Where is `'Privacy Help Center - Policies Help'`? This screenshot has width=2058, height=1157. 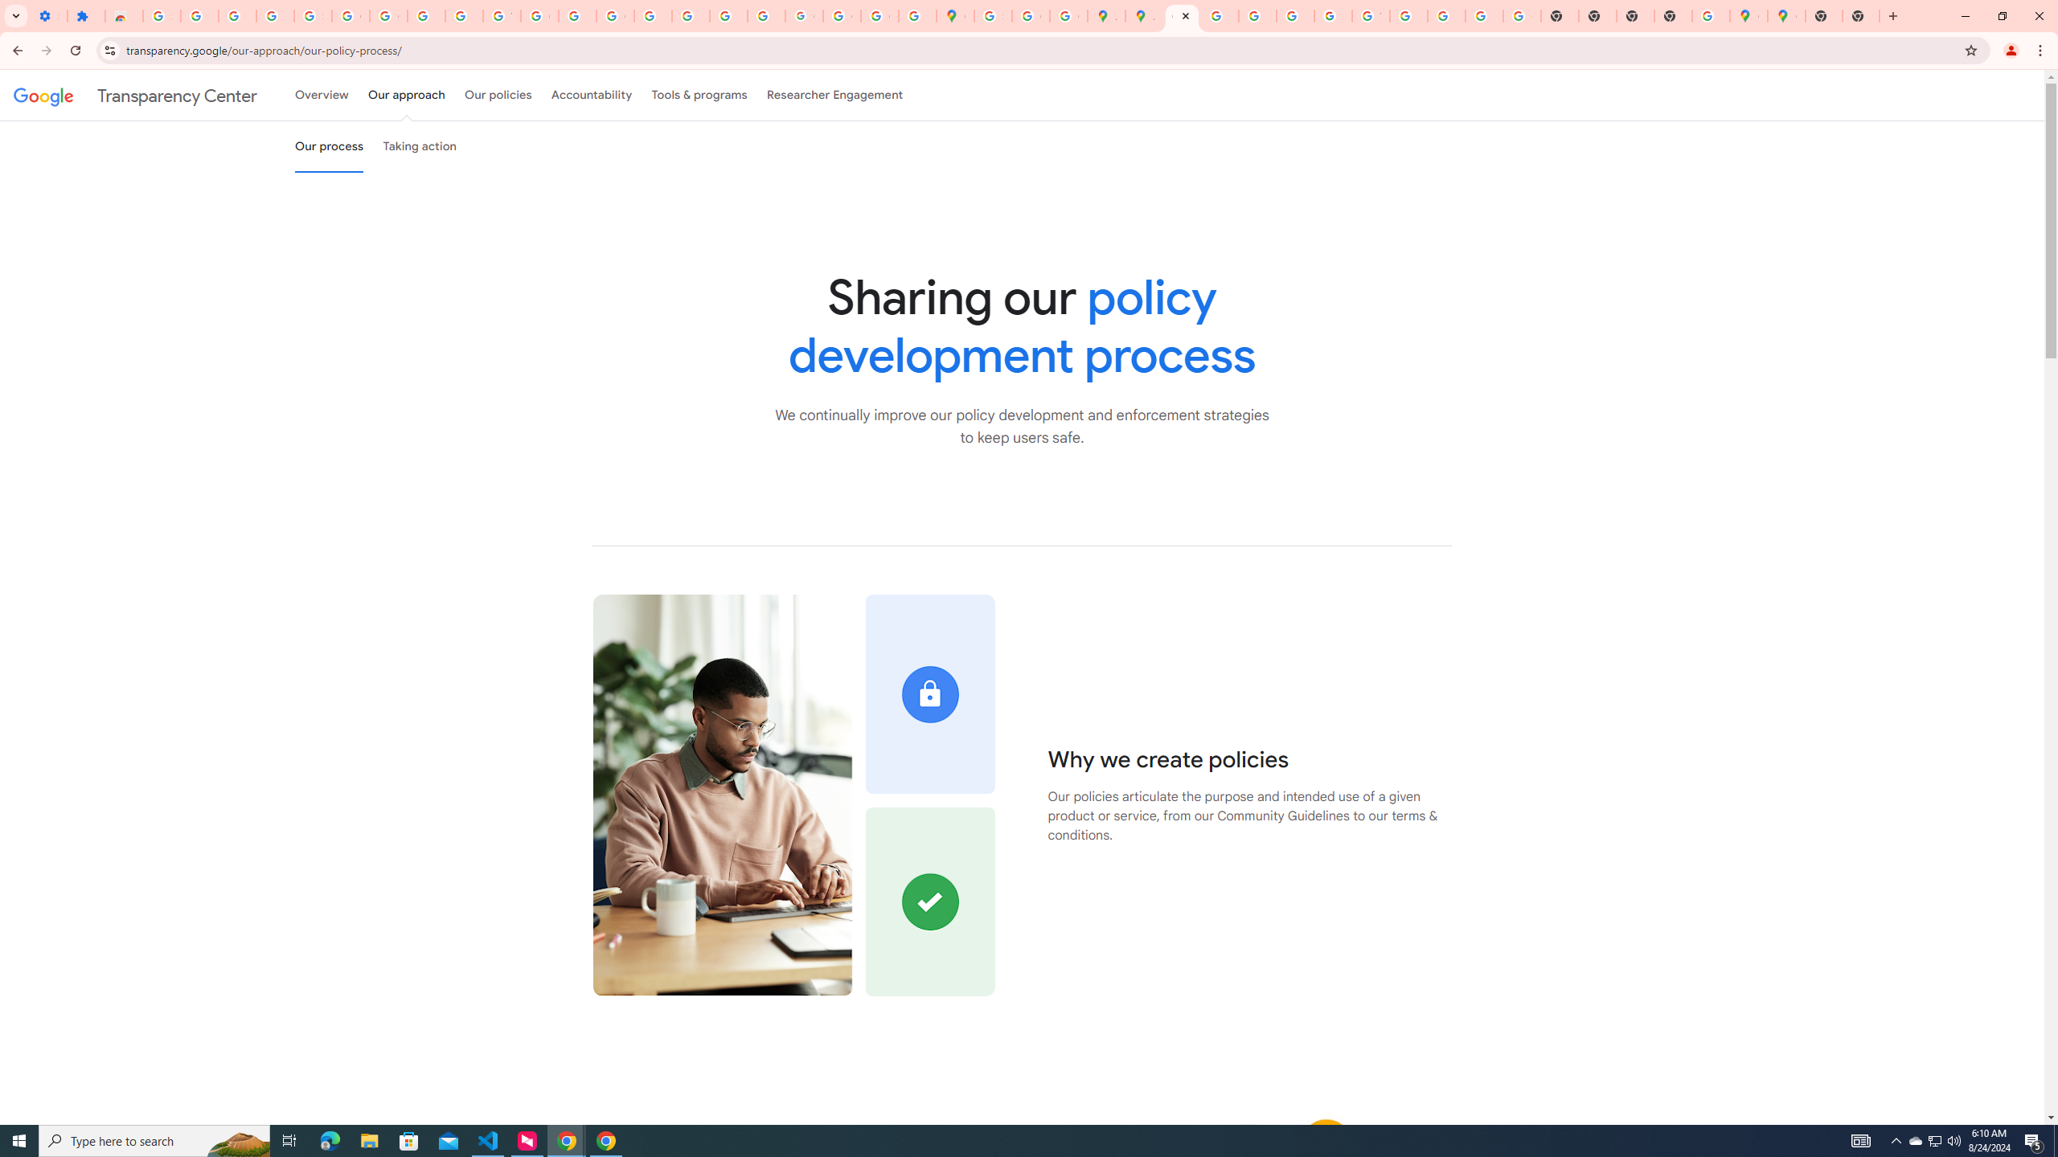 'Privacy Help Center - Policies Help' is located at coordinates (1257, 15).